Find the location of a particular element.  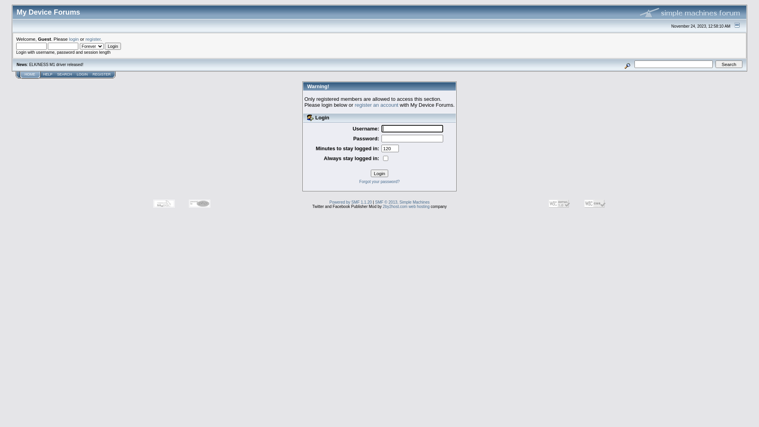

'2by2host.com' is located at coordinates (395, 206).